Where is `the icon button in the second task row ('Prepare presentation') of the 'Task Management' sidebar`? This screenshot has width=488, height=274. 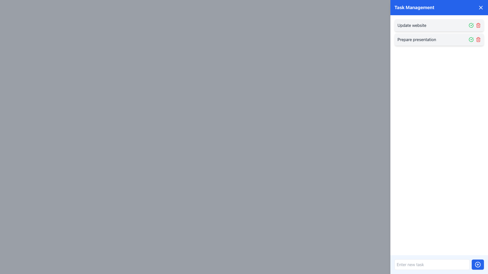 the icon button in the second task row ('Prepare presentation') of the 'Task Management' sidebar is located at coordinates (471, 39).